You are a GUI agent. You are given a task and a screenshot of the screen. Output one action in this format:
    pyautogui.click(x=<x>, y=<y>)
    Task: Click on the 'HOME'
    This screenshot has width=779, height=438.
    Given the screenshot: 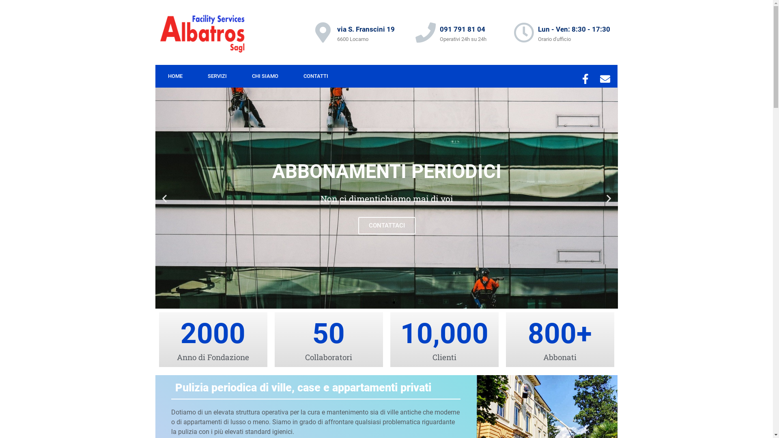 What is the action you would take?
    pyautogui.click(x=174, y=76)
    